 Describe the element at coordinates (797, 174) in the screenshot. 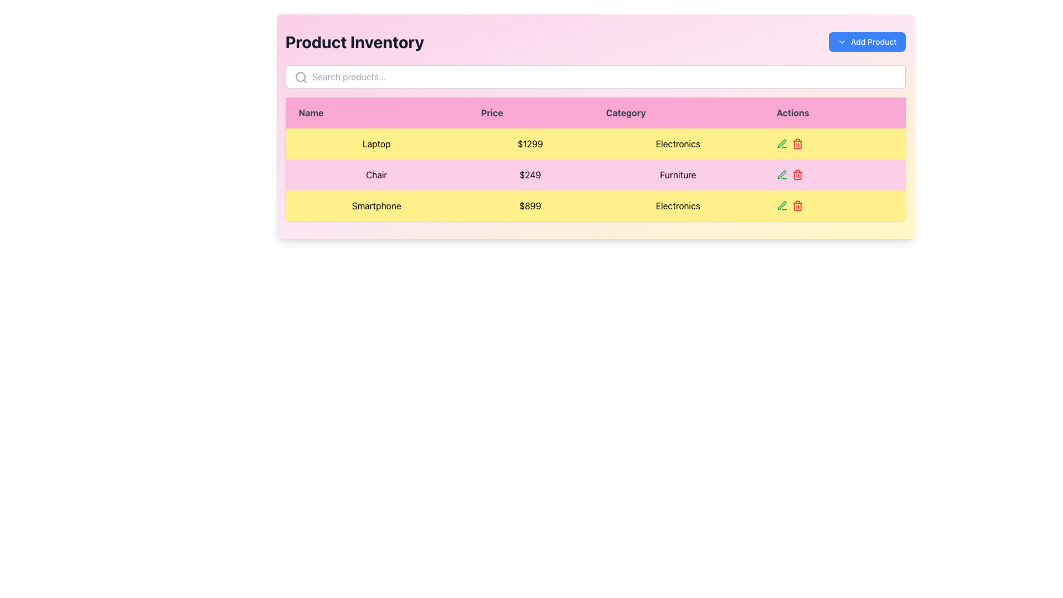

I see `the delete button in the second row of the Actions column` at that location.